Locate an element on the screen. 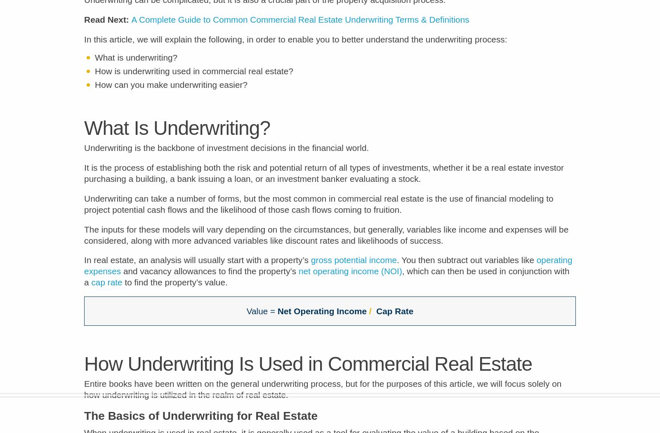  'How is underwriting used in commercial real estate?' is located at coordinates (193, 77).